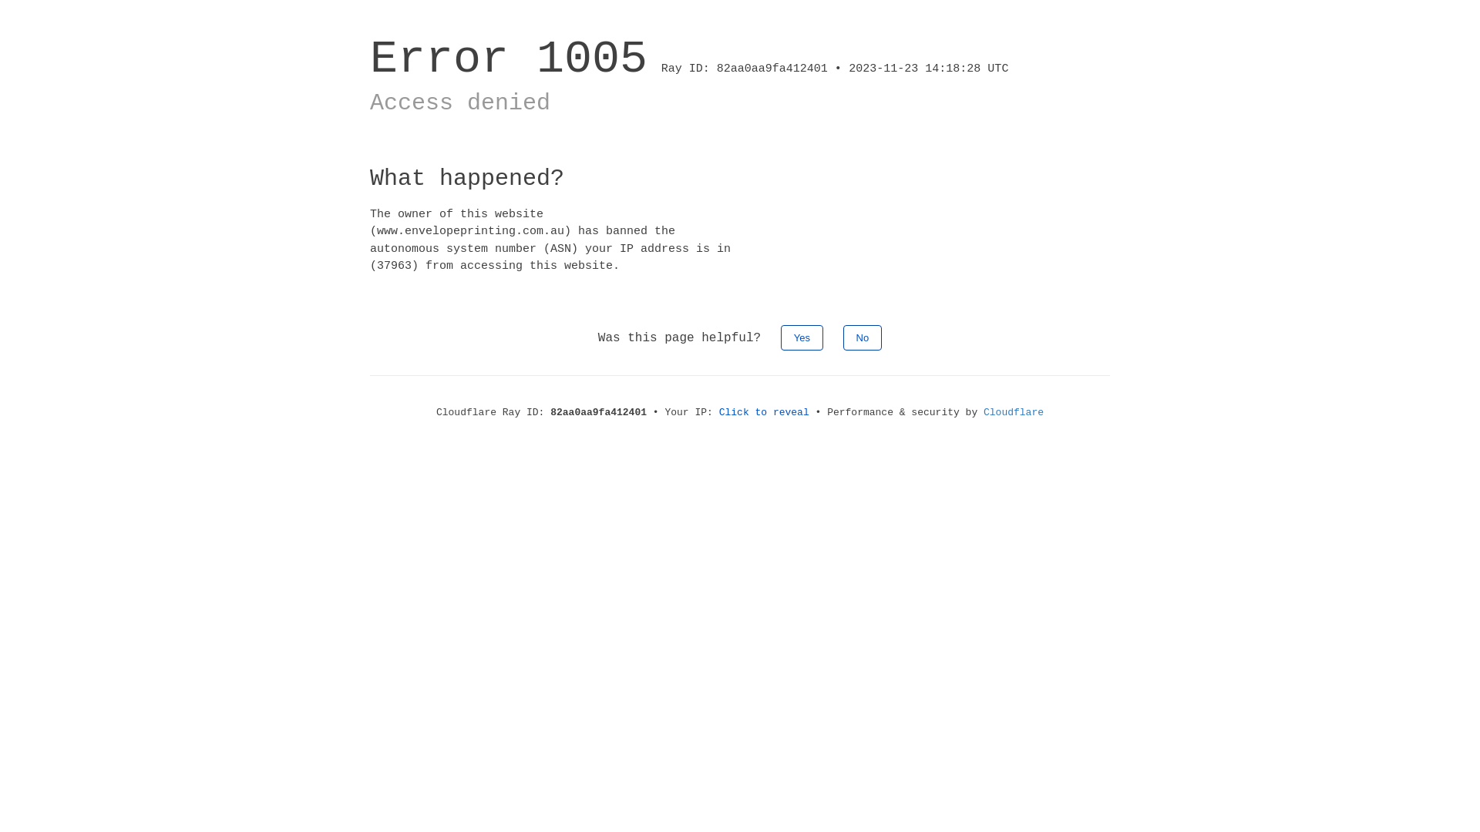 The width and height of the screenshot is (1480, 832). Describe the element at coordinates (780, 337) in the screenshot. I see `'Yes'` at that location.